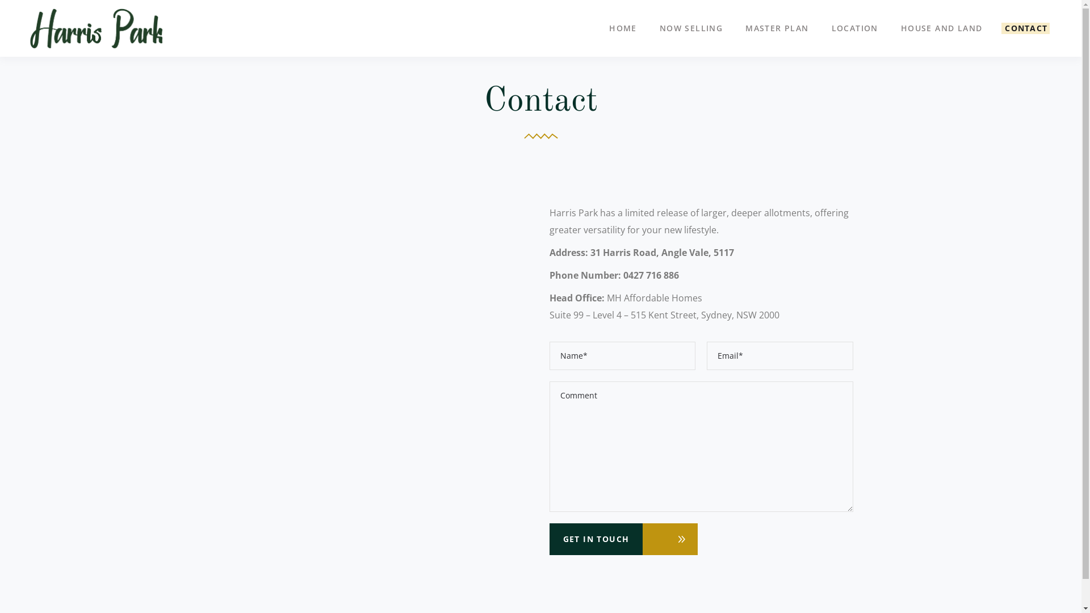 The image size is (1090, 613). I want to click on 'NOW SELLING', so click(690, 28).